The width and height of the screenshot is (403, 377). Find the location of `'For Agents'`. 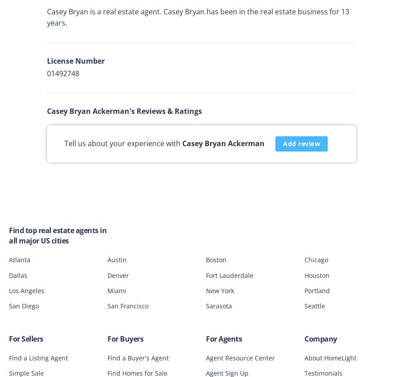

'For Agents' is located at coordinates (223, 338).